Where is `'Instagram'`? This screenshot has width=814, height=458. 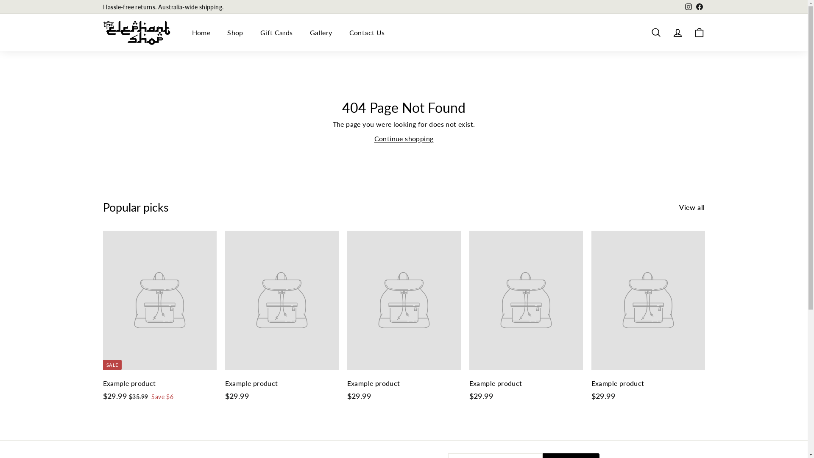 'Instagram' is located at coordinates (688, 6).